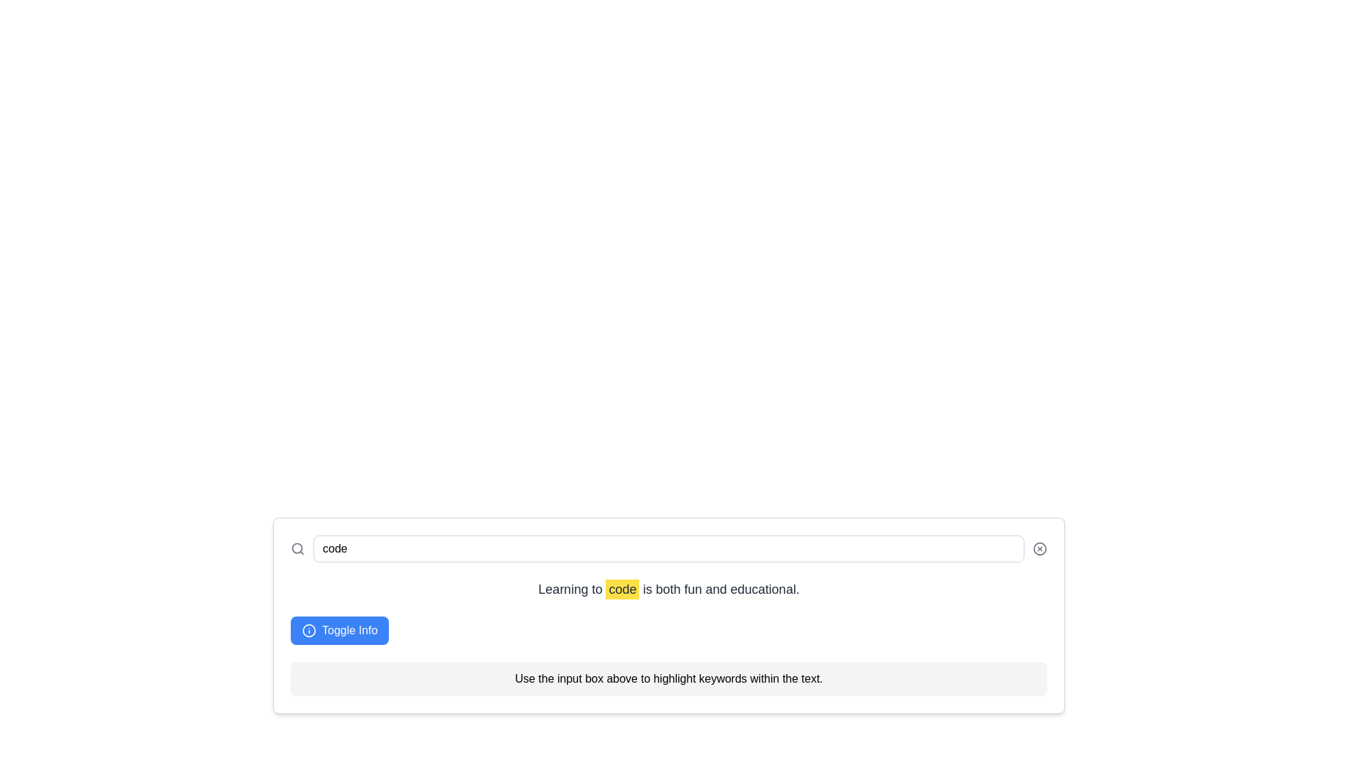 This screenshot has height=768, width=1365. Describe the element at coordinates (1040, 548) in the screenshot. I see `the circular gray button with an 'X' mark located in the top-right corner of the group of elements, positioned immediately to the right of a text input field` at that location.